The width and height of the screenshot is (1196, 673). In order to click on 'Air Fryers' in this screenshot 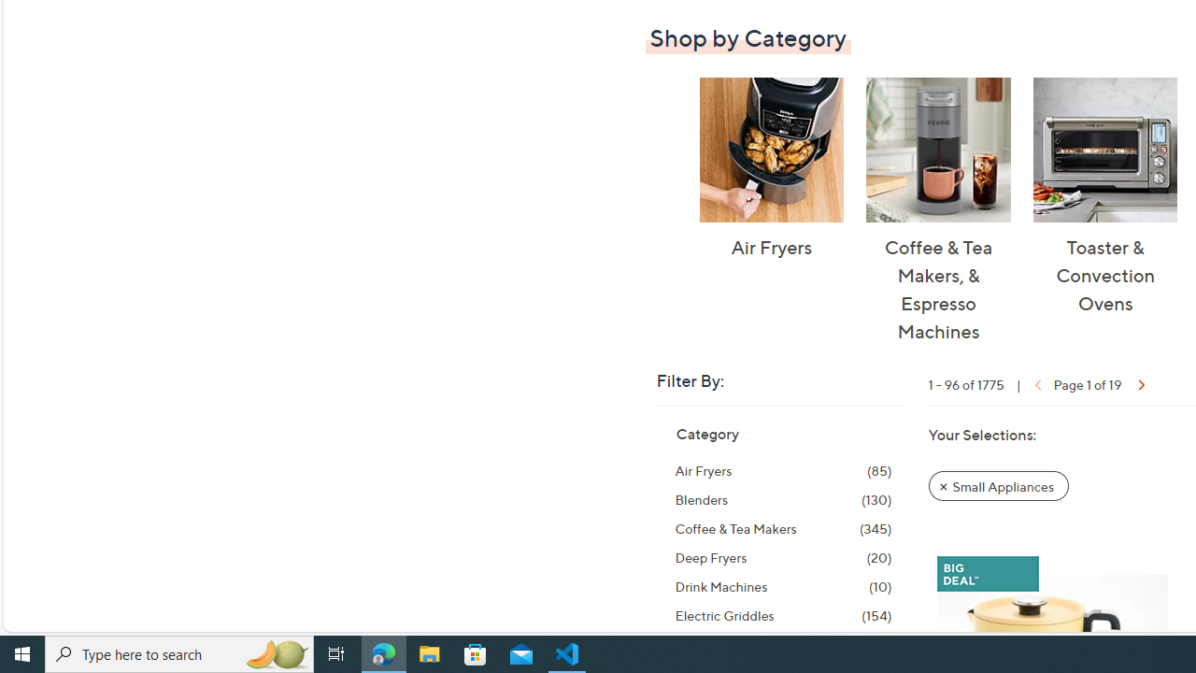, I will do `click(771, 149)`.